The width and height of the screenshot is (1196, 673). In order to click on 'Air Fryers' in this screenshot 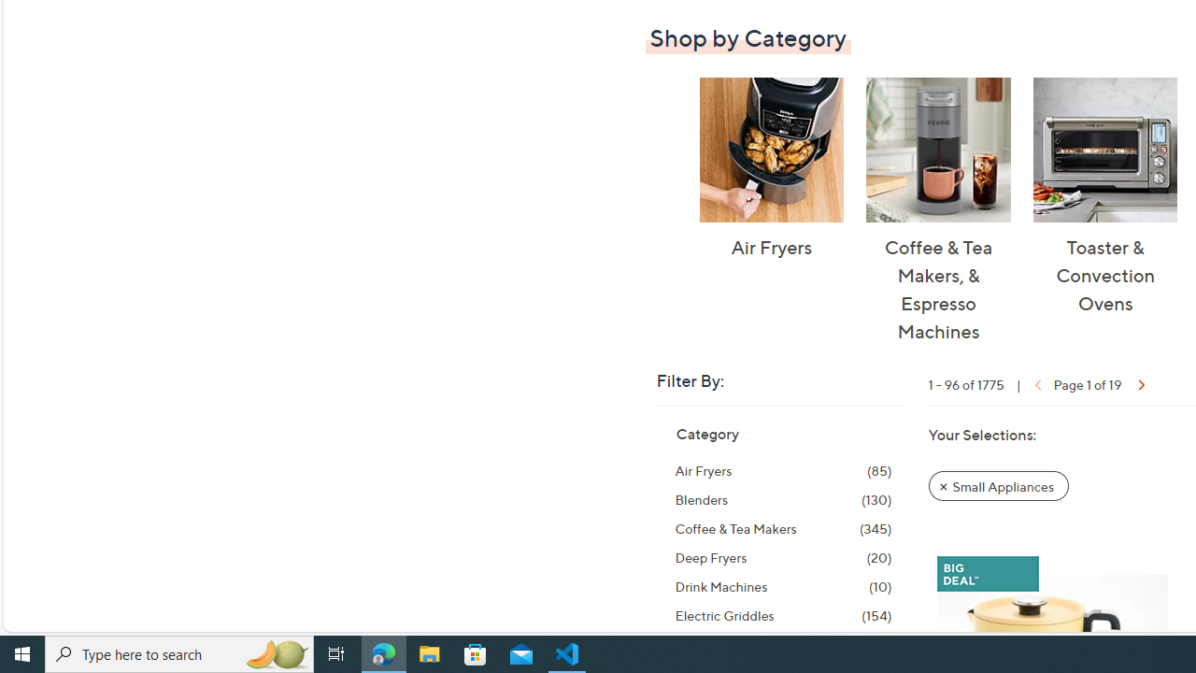, I will do `click(771, 149)`.